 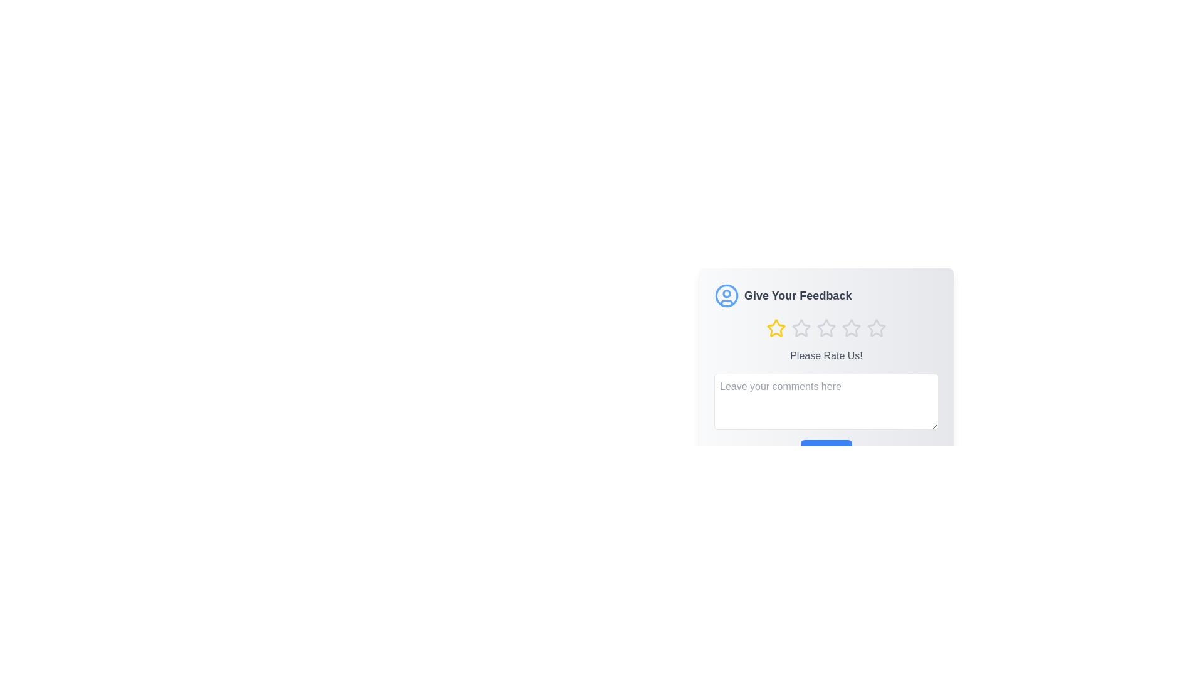 I want to click on the circular graphical element located inside the user avatar icon, which is positioned to the left of the text 'Give Your Feedback', so click(x=726, y=295).